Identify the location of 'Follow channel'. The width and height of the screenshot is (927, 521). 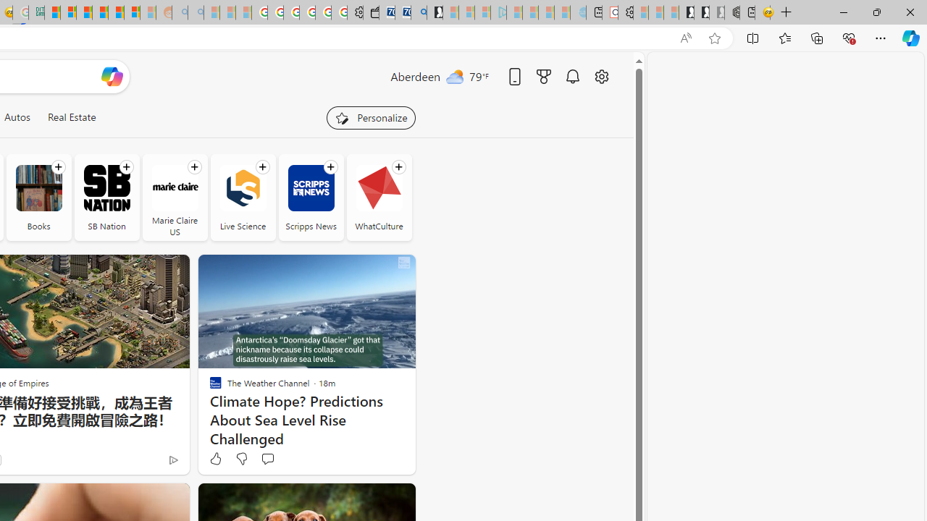
(398, 166).